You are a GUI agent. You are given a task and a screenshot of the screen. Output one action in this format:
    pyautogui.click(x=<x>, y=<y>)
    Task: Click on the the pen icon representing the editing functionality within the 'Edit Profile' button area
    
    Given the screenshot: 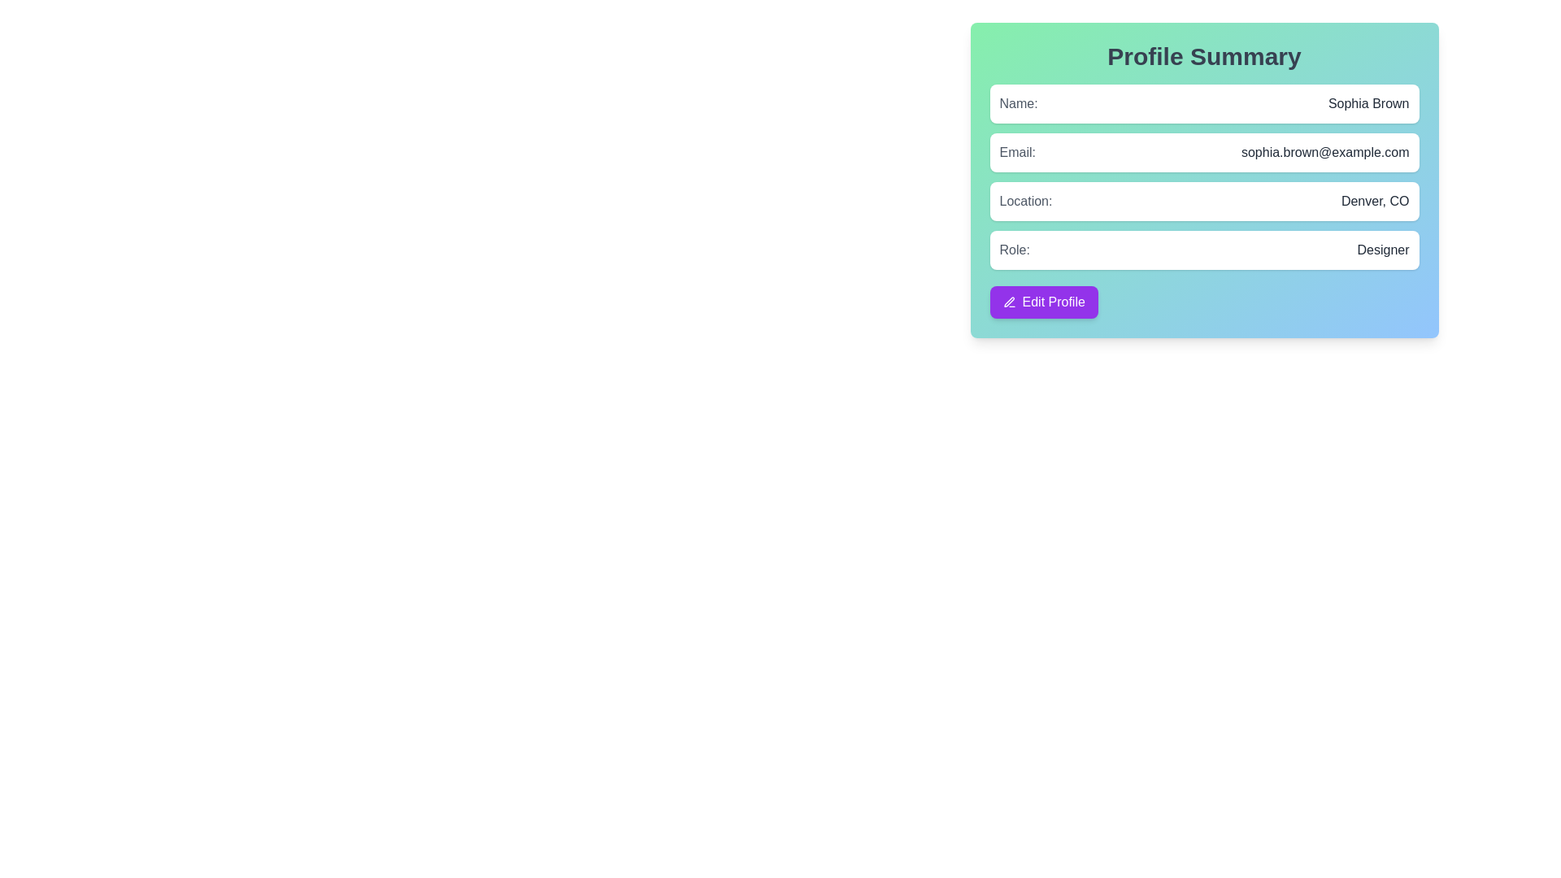 What is the action you would take?
    pyautogui.click(x=1008, y=302)
    